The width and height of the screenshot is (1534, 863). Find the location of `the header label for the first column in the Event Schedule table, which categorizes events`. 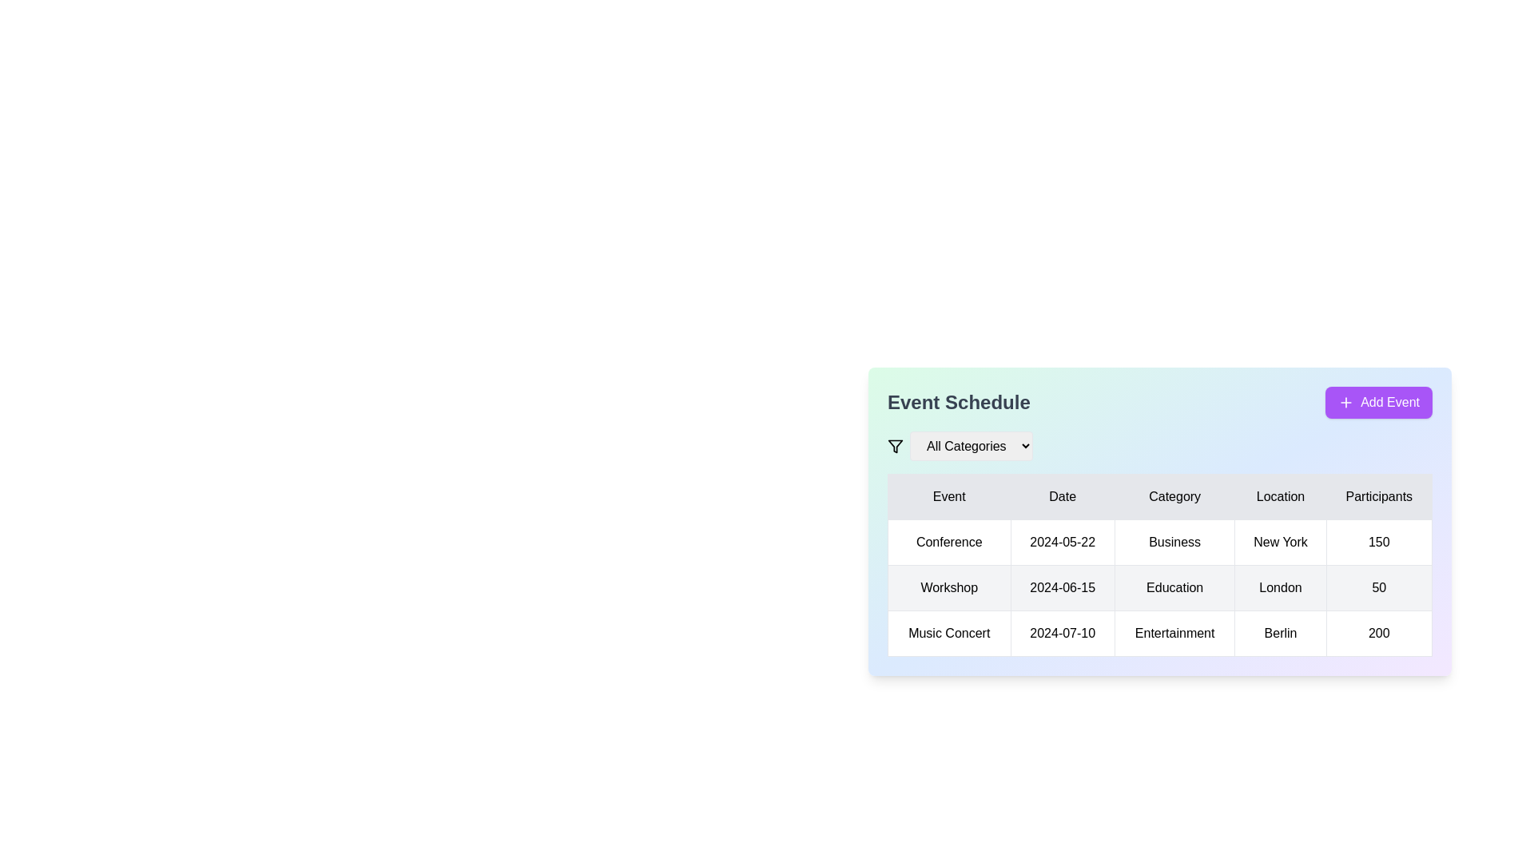

the header label for the first column in the Event Schedule table, which categorizes events is located at coordinates (949, 495).